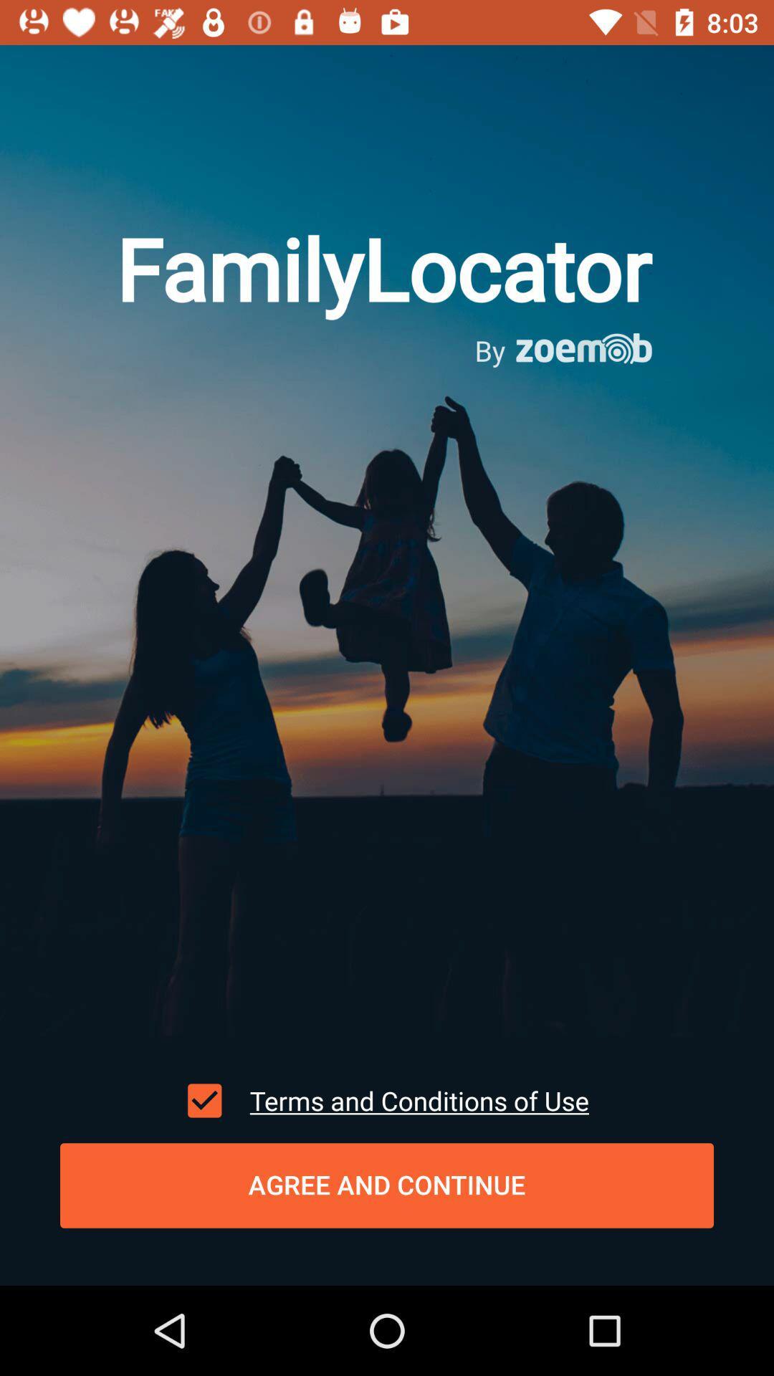  I want to click on item to the left of the terms and conditions icon, so click(204, 1100).